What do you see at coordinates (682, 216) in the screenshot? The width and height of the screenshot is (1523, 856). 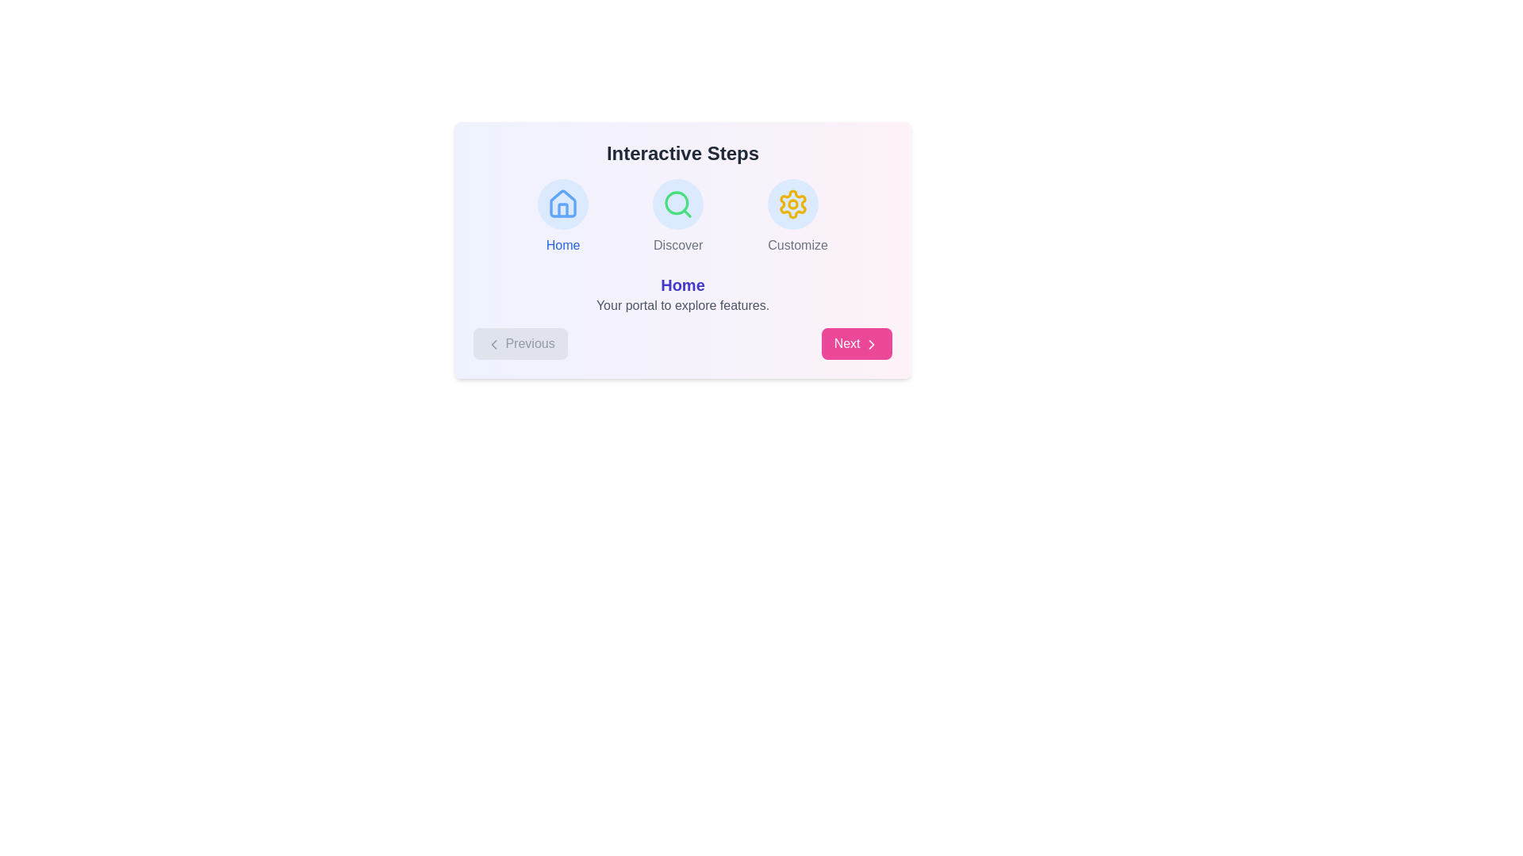 I see `the Navigation menu located centrally below the 'Interactive Steps' header` at bounding box center [682, 216].